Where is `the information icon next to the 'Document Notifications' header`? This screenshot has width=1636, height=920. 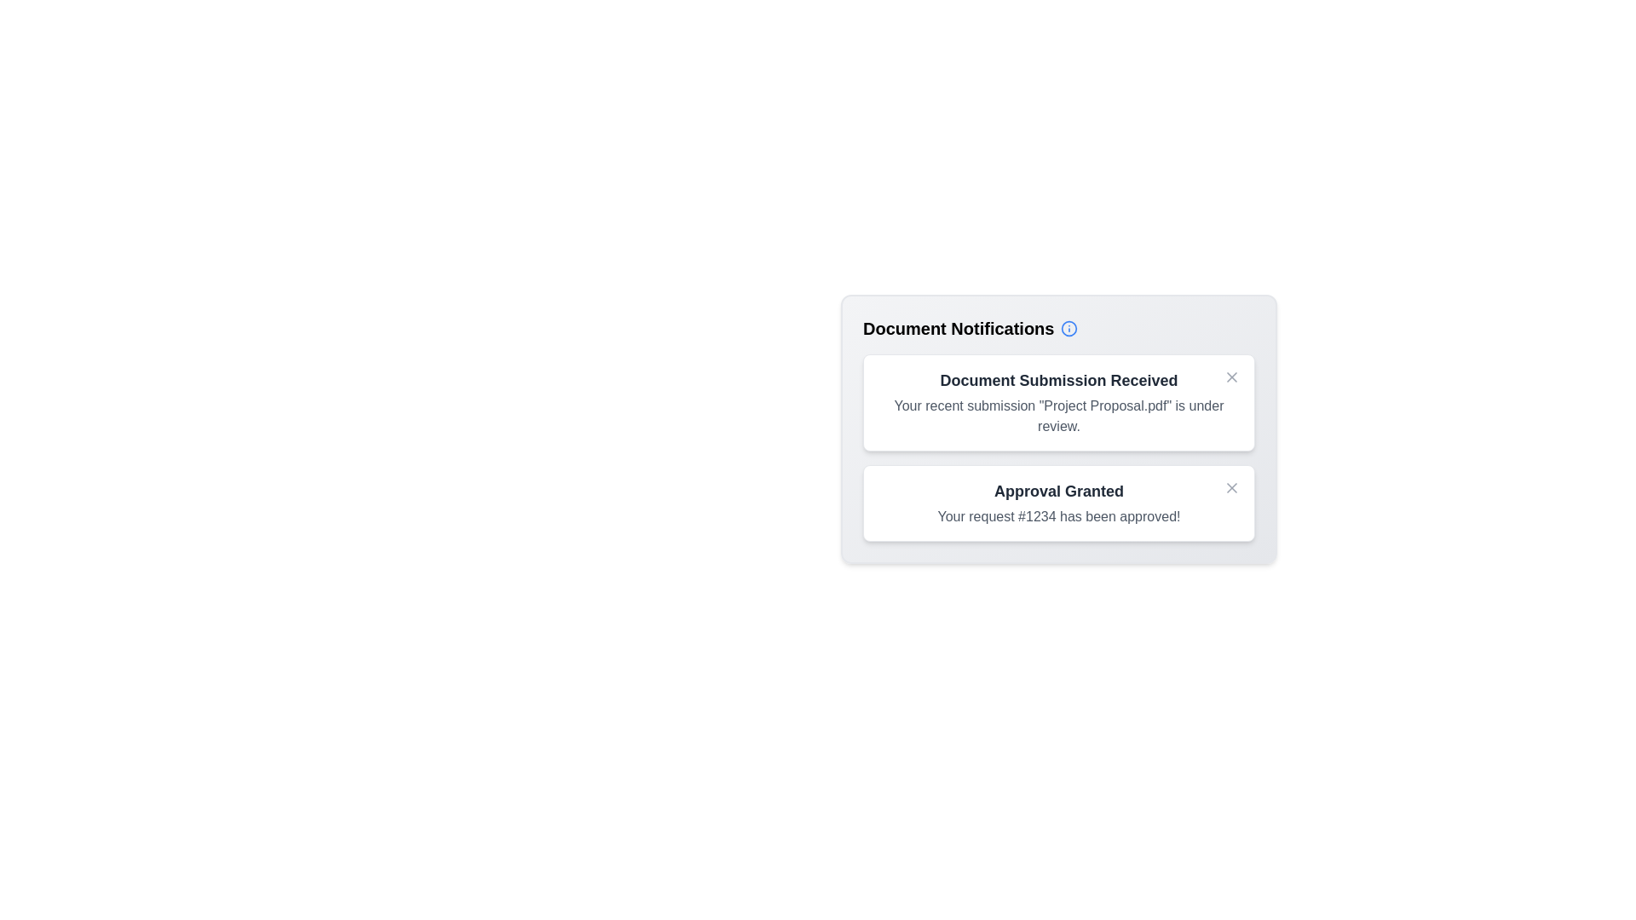 the information icon next to the 'Document Notifications' header is located at coordinates (1068, 328).